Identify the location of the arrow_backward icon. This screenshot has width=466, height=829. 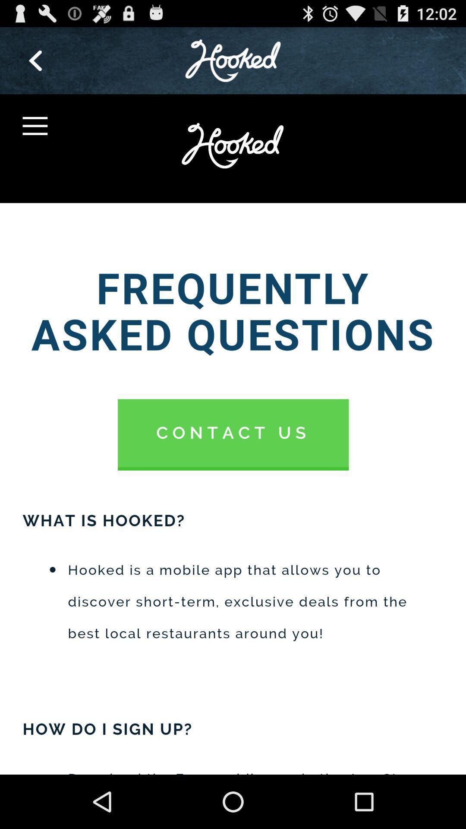
(35, 64).